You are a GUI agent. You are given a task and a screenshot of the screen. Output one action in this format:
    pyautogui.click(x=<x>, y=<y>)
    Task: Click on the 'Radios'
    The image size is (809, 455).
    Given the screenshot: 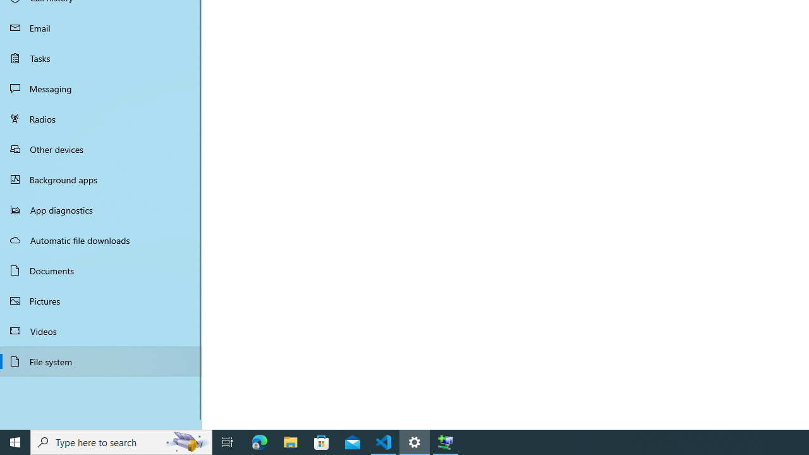 What is the action you would take?
    pyautogui.click(x=101, y=118)
    